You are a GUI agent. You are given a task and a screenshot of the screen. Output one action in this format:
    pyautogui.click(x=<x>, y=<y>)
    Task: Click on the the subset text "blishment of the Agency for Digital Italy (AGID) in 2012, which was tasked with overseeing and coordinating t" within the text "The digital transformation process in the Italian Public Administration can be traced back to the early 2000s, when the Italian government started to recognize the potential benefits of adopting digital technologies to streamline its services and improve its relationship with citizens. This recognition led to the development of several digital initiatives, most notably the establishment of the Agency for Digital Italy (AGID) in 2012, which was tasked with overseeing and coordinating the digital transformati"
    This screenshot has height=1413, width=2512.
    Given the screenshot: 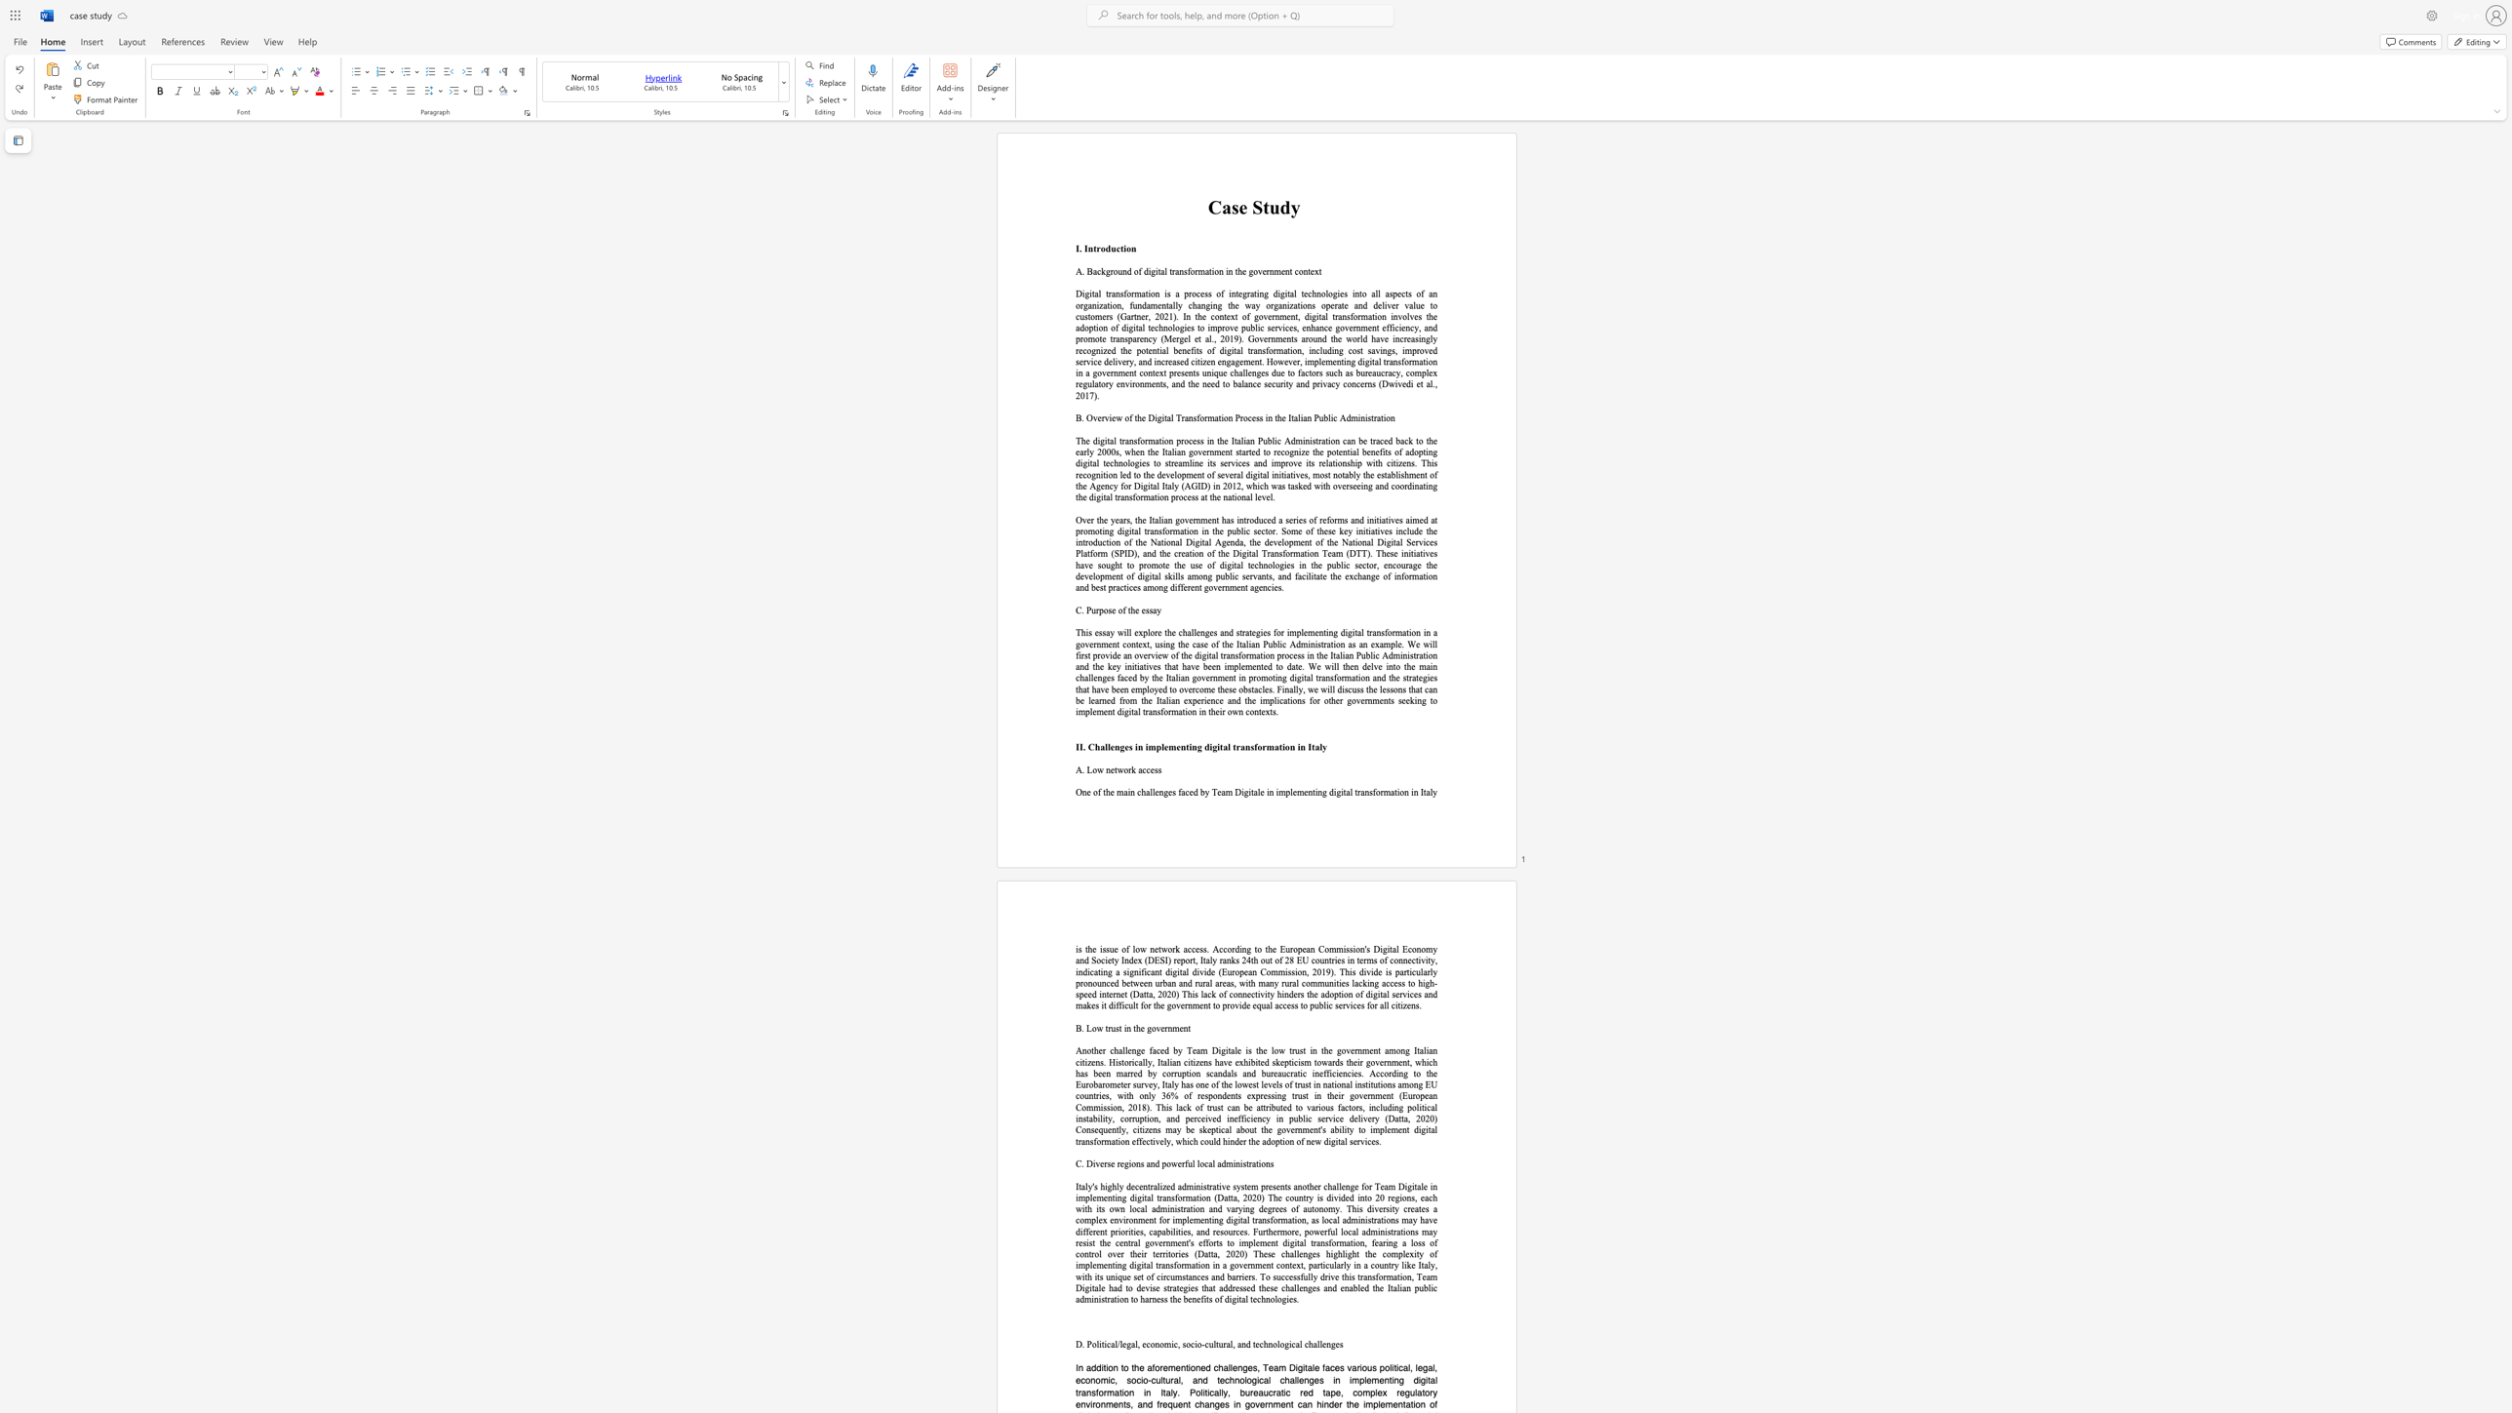 What is the action you would take?
    pyautogui.click(x=1391, y=474)
    